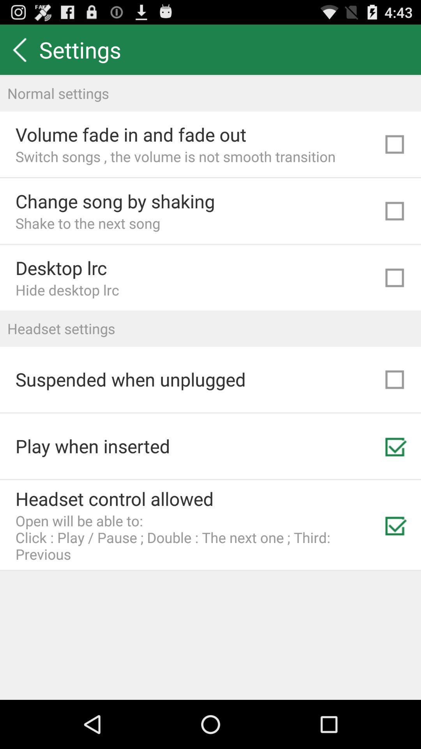 This screenshot has height=749, width=421. I want to click on suspended when unplugged app, so click(130, 379).